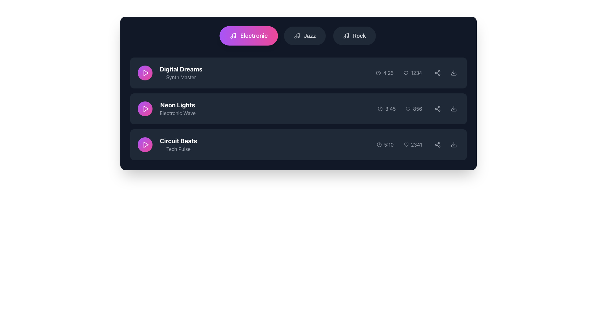  I want to click on the minimalistic music note icon located inside the 'Jazz' button in the top navigation bar, which is positioned to the left of the text 'Jazz.', so click(297, 36).